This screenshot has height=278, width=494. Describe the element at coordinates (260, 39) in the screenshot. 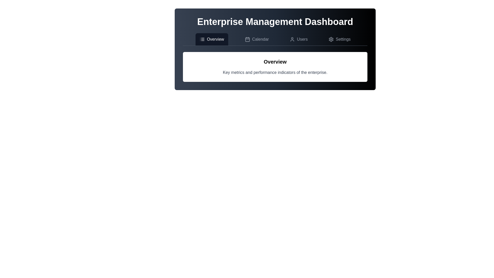

I see `the 'Calendar' text label in the navigation bar, which is the second menu item from the left, positioned to the left of the 'Users' icon` at that location.